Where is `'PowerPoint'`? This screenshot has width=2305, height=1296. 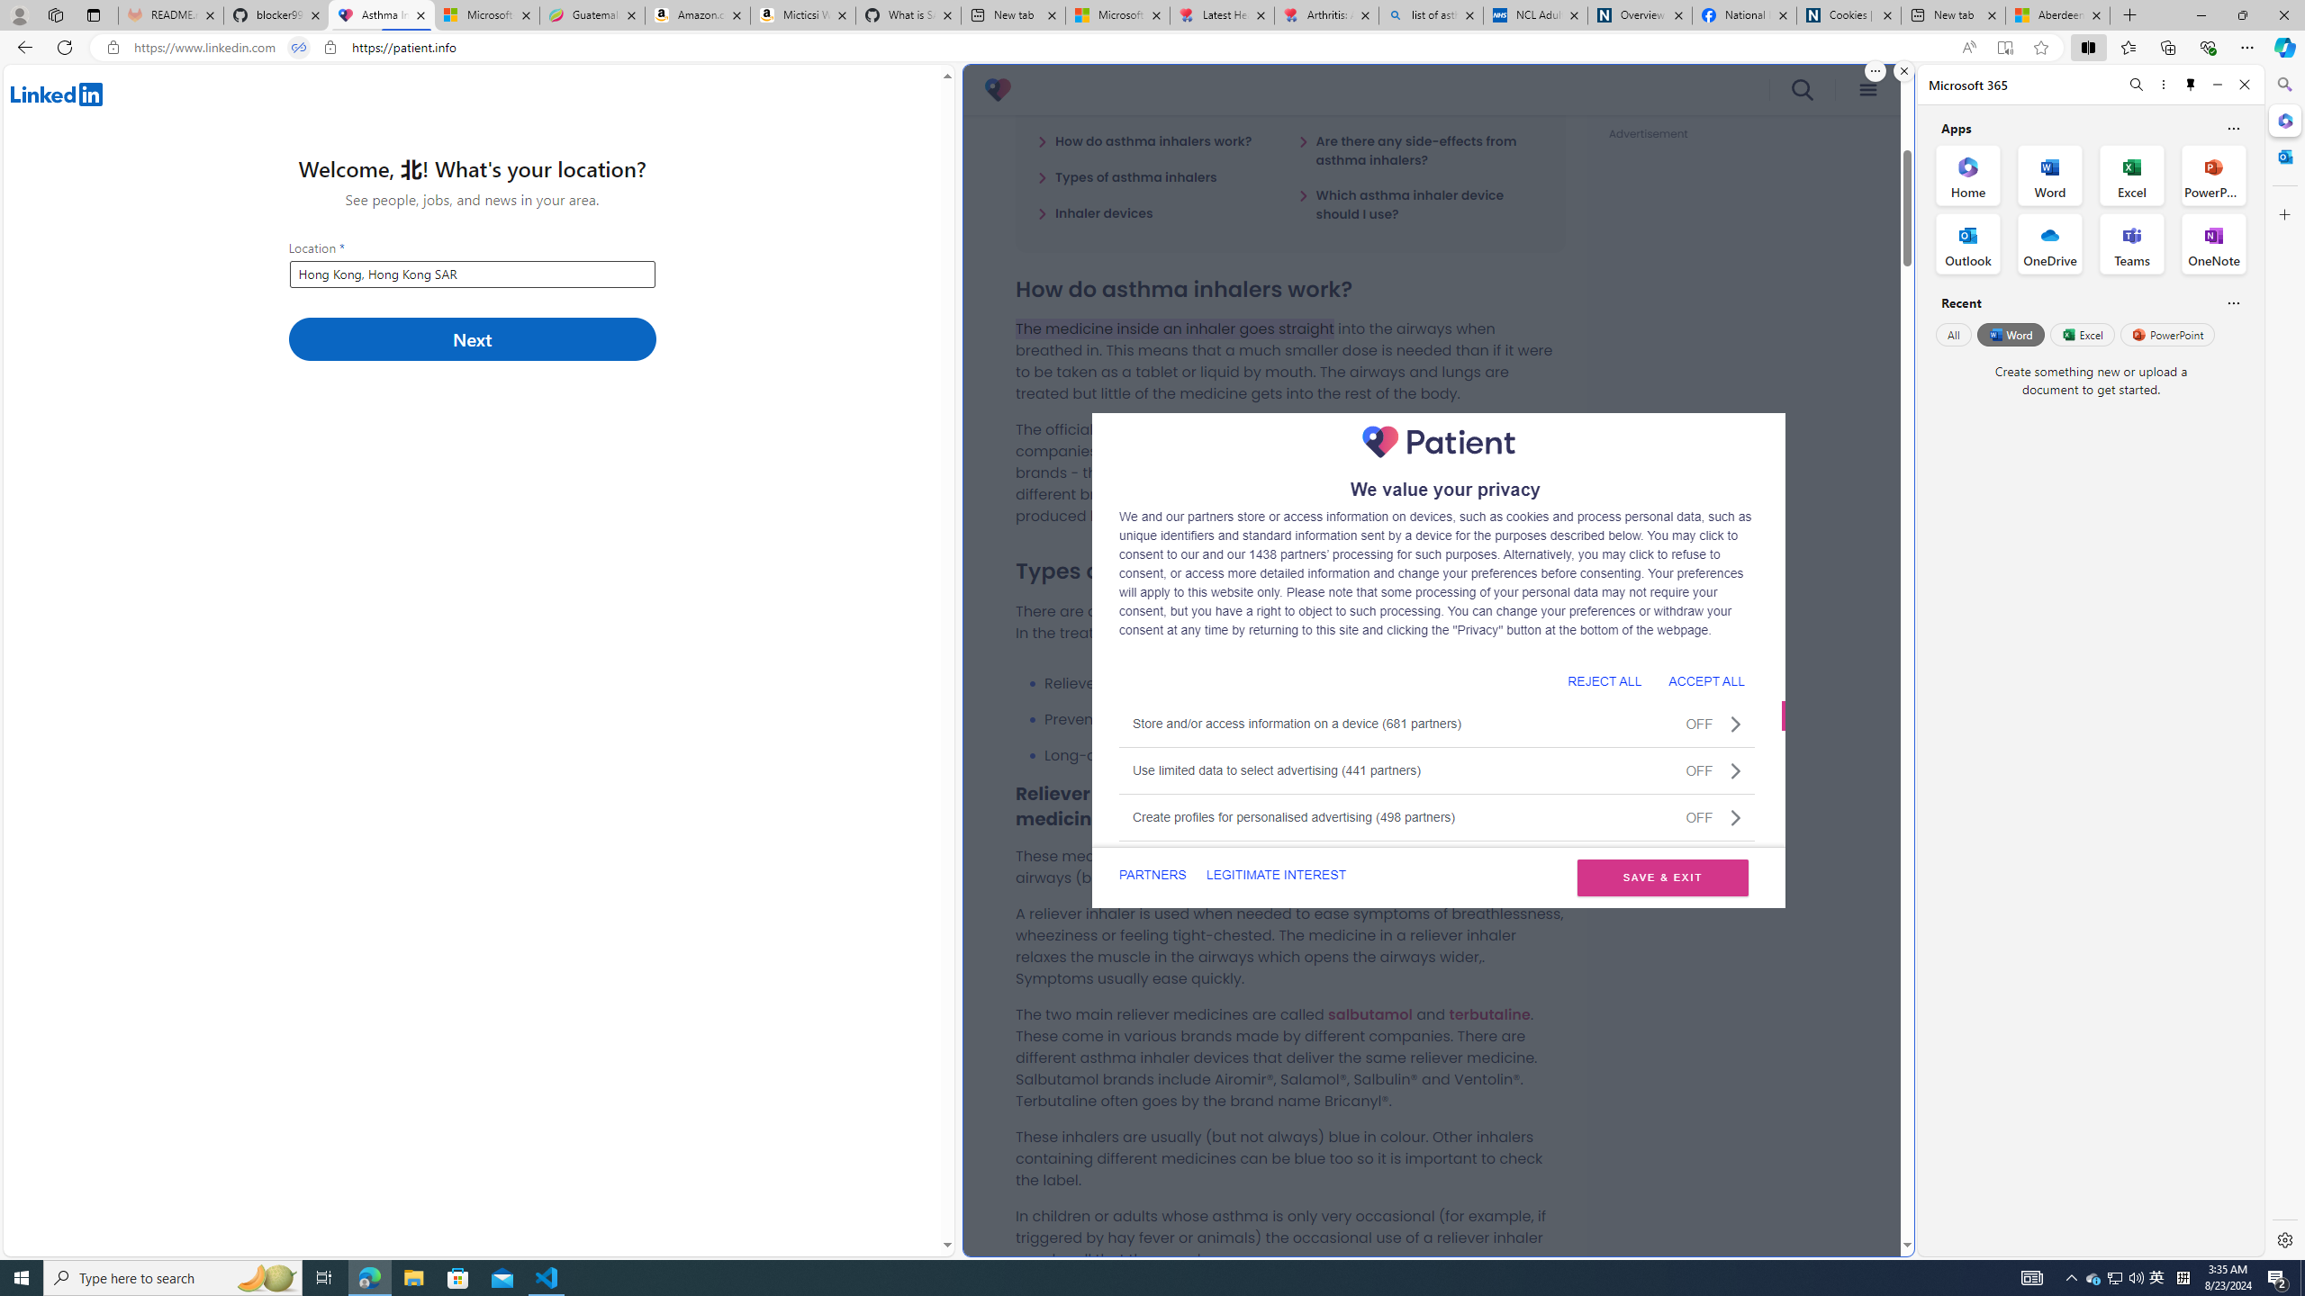 'PowerPoint' is located at coordinates (2166, 334).